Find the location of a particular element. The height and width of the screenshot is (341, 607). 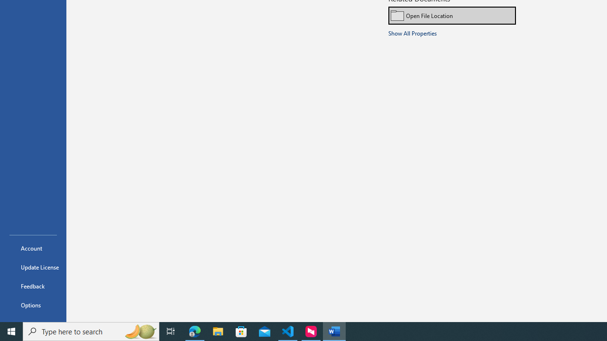

'Update License' is located at coordinates (33, 267).